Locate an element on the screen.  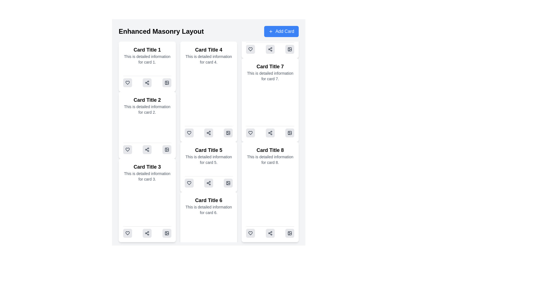
the 'share' button located at the bottom center of 'Card Title 8' is located at coordinates (270, 233).